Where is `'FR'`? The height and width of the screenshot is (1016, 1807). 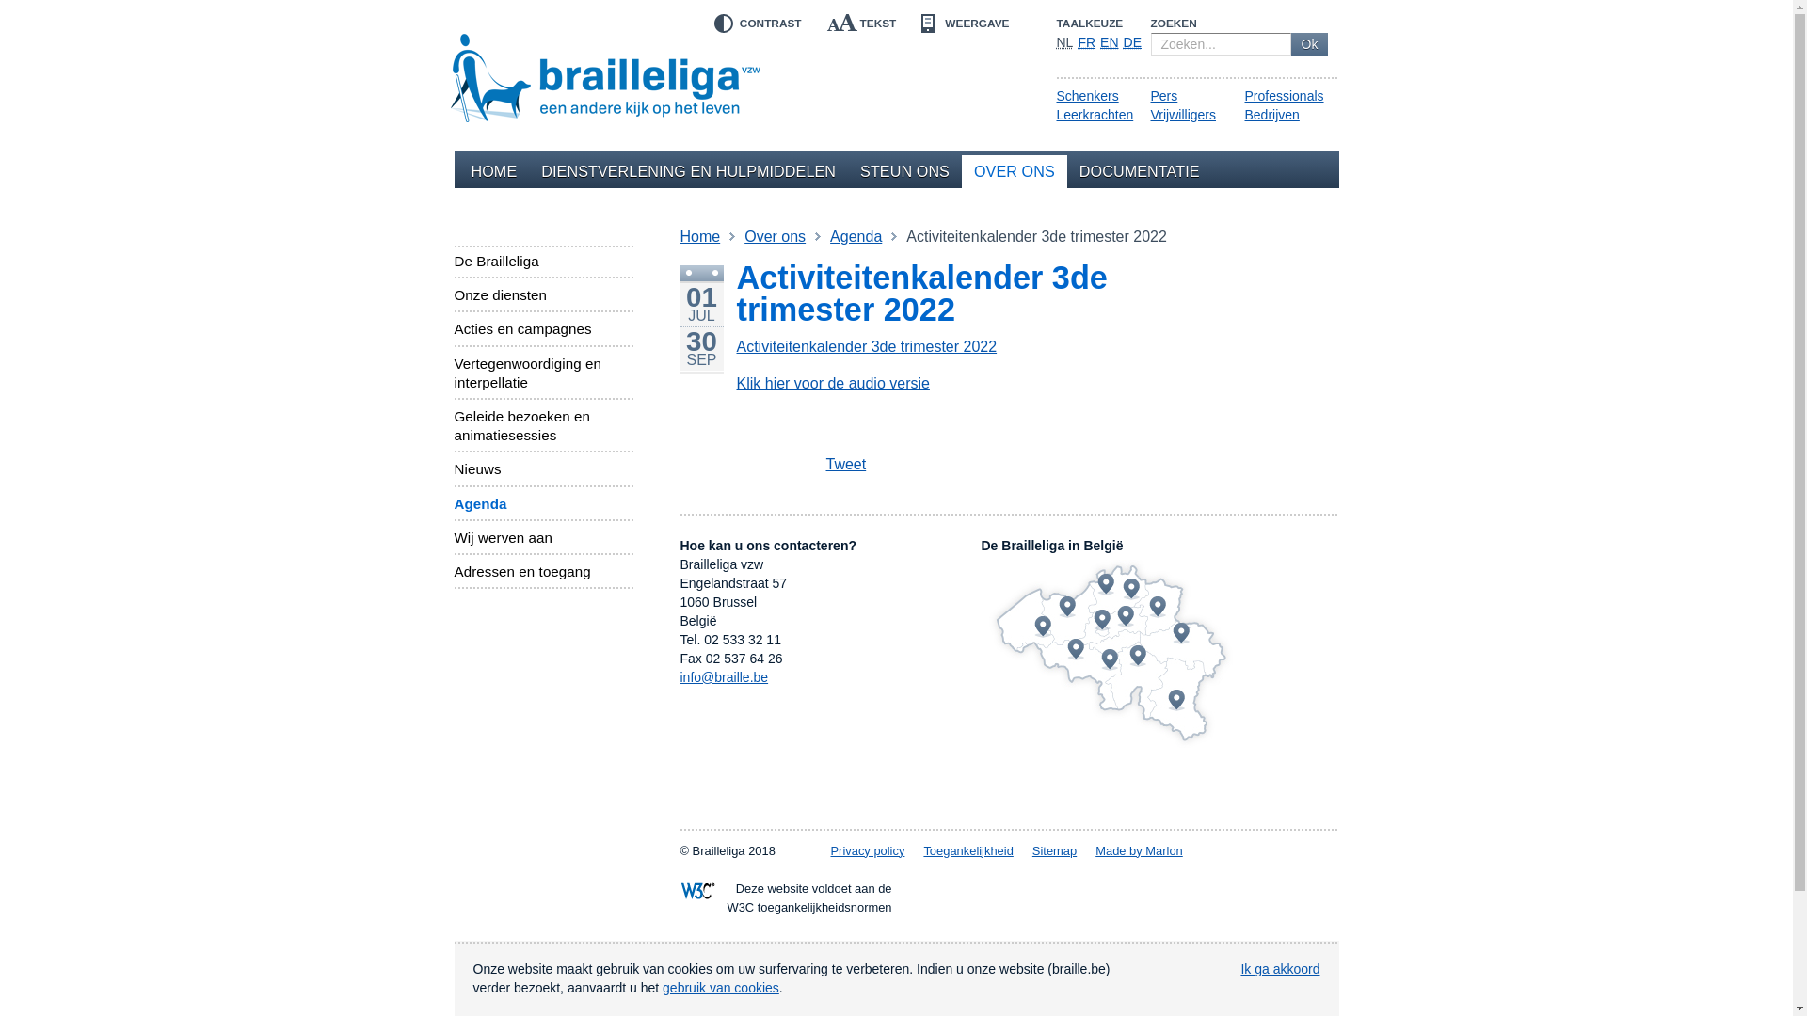
'FR' is located at coordinates (1078, 42).